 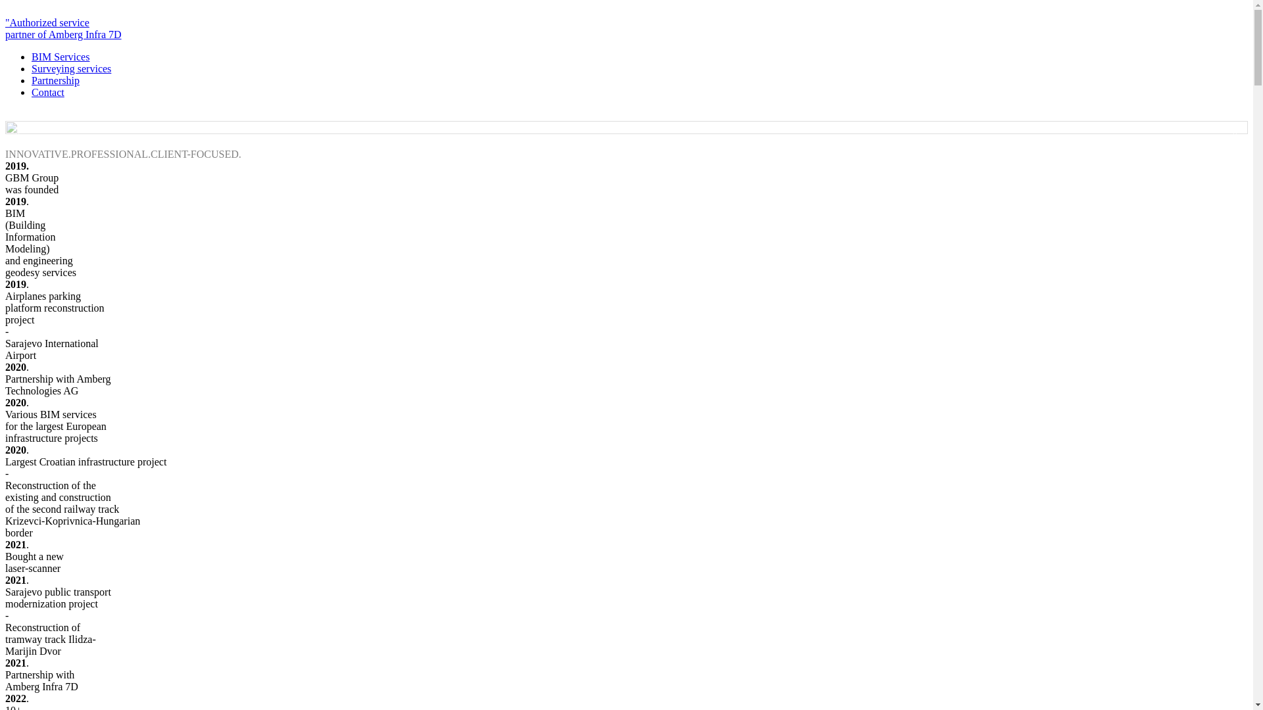 What do you see at coordinates (59, 56) in the screenshot?
I see `'BIM Services'` at bounding box center [59, 56].